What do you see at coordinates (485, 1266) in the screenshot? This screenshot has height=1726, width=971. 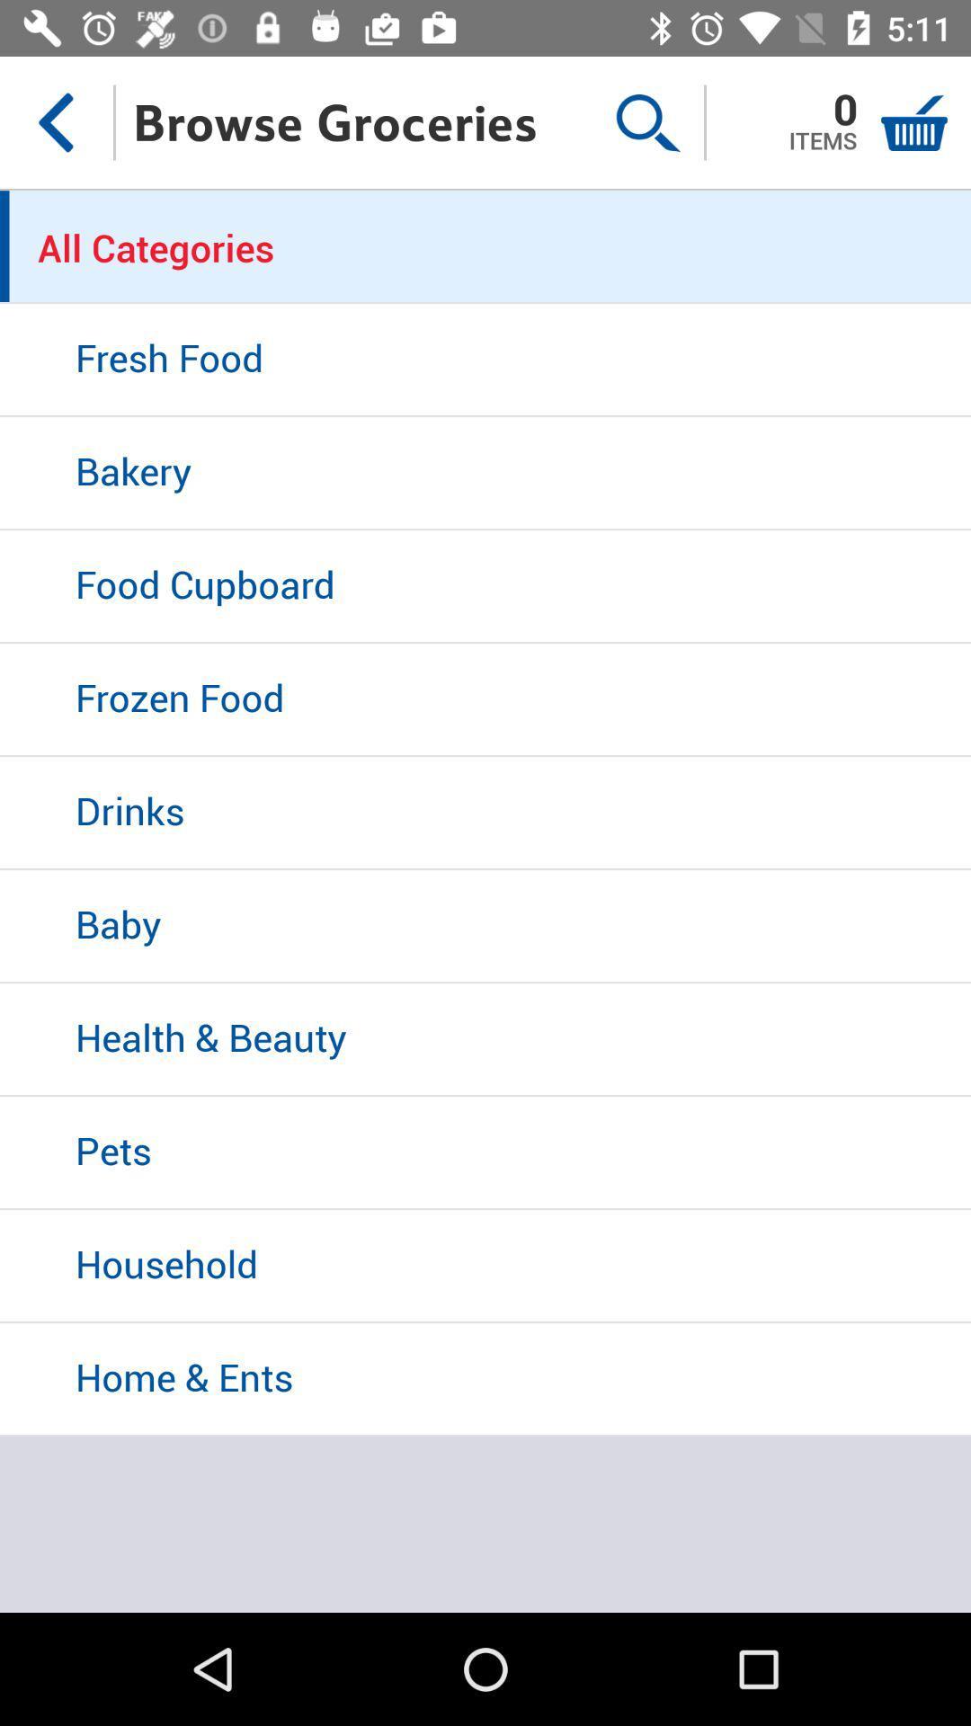 I see `household` at bounding box center [485, 1266].